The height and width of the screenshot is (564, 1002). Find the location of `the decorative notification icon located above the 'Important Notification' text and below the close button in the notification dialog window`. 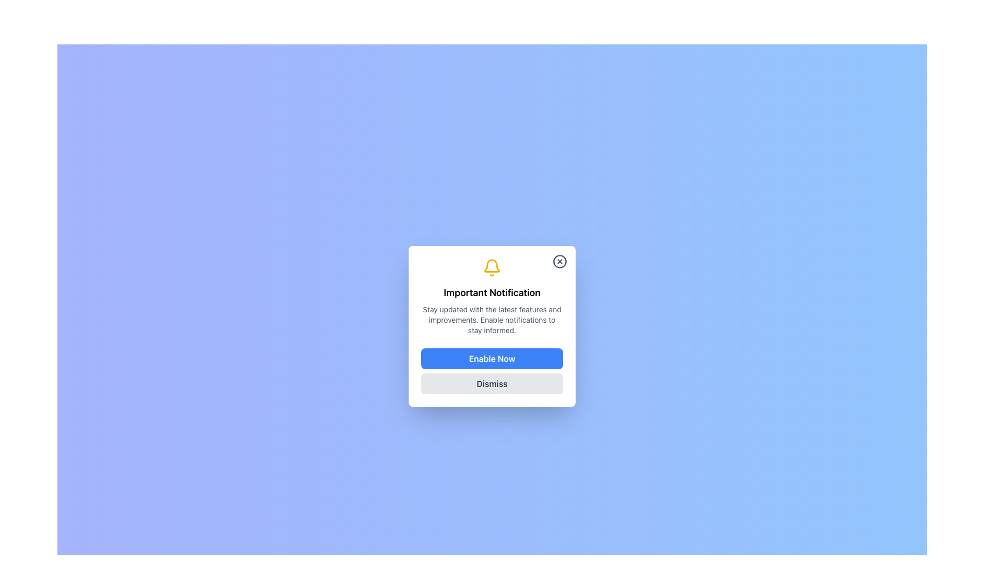

the decorative notification icon located above the 'Important Notification' text and below the close button in the notification dialog window is located at coordinates (491, 265).